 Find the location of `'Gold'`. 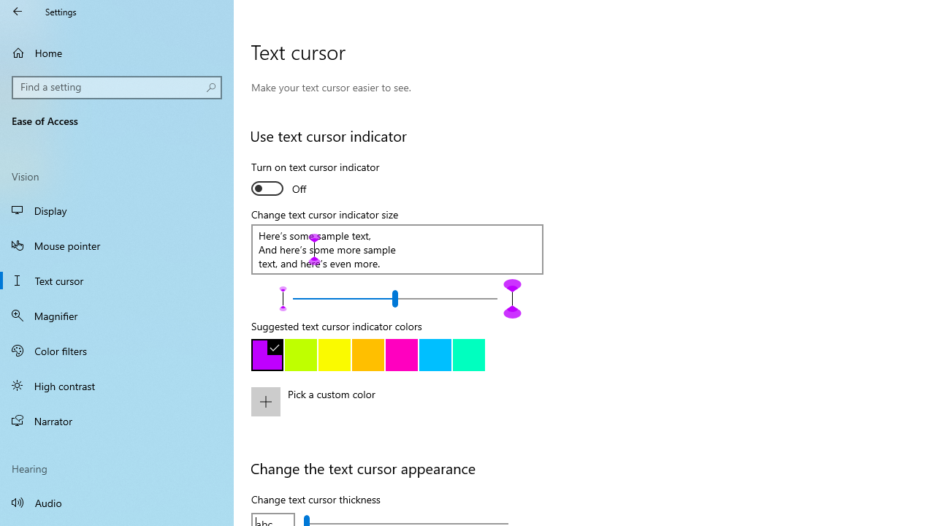

'Gold' is located at coordinates (368, 355).